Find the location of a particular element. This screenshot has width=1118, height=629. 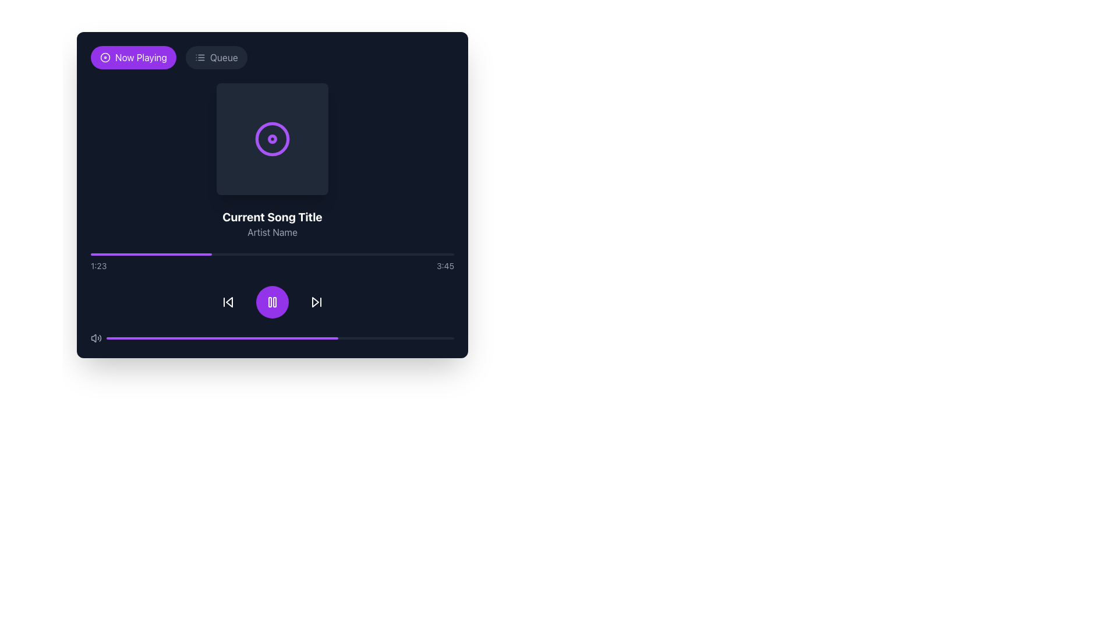

the Navigation tabs containing 'Now Playing' and 'Queue' for visual feedback is located at coordinates (271, 58).